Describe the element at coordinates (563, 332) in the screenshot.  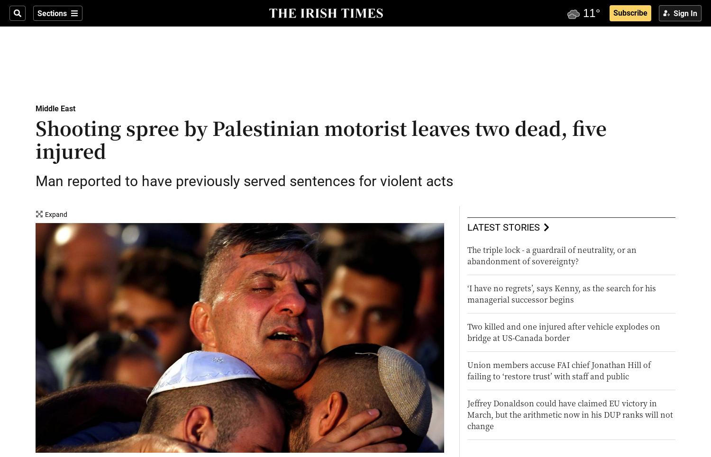
I see `'Two killed and one injured after vehicle explodes on bridge at US-Canada border'` at that location.